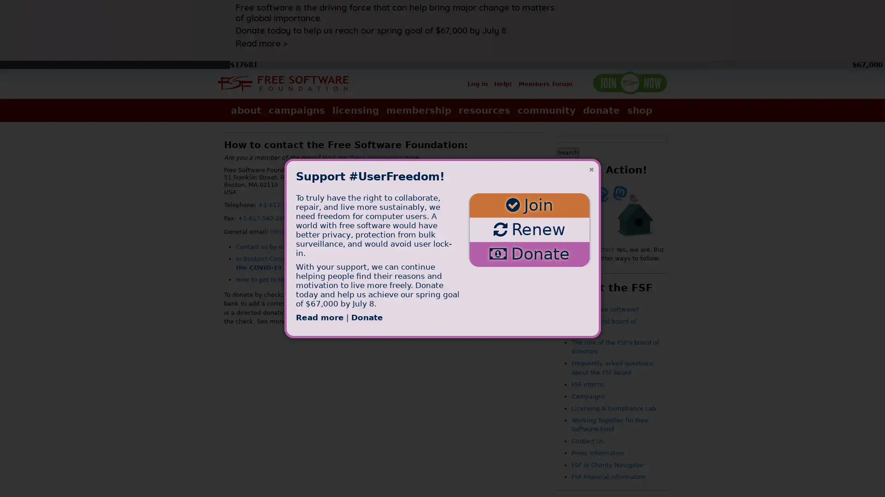  Describe the element at coordinates (567, 151) in the screenshot. I see `Search` at that location.